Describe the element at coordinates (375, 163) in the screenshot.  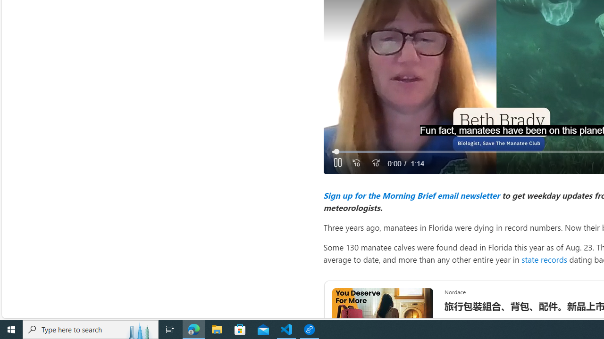
I see `'Seek Forward'` at that location.